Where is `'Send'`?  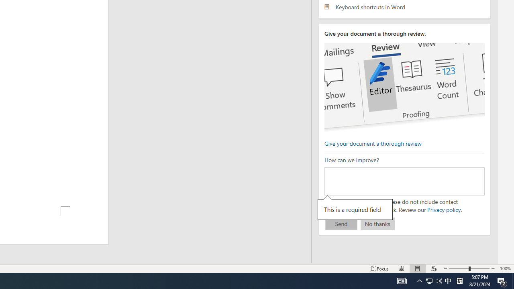
'Send' is located at coordinates (341, 224).